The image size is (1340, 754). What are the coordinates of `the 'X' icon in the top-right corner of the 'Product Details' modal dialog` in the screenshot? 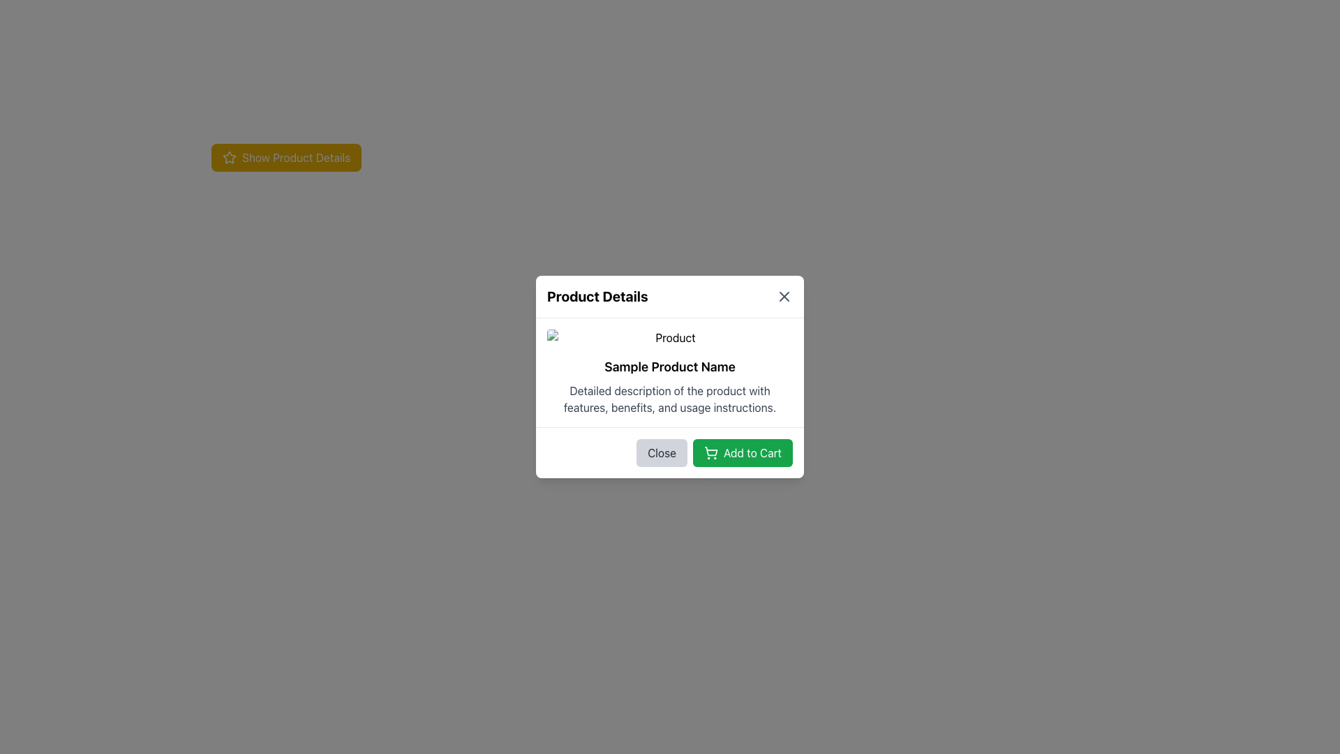 It's located at (784, 295).